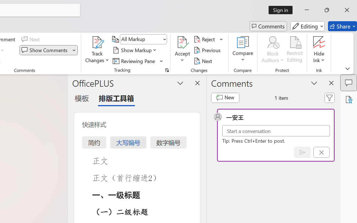 This screenshot has height=223, width=357. Describe the element at coordinates (307, 26) in the screenshot. I see `'Editing'` at that location.